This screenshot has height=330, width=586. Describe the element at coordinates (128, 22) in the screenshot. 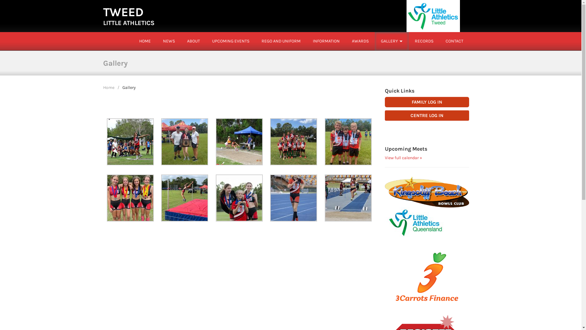

I see `'LITTLE ATHLETICS'` at that location.